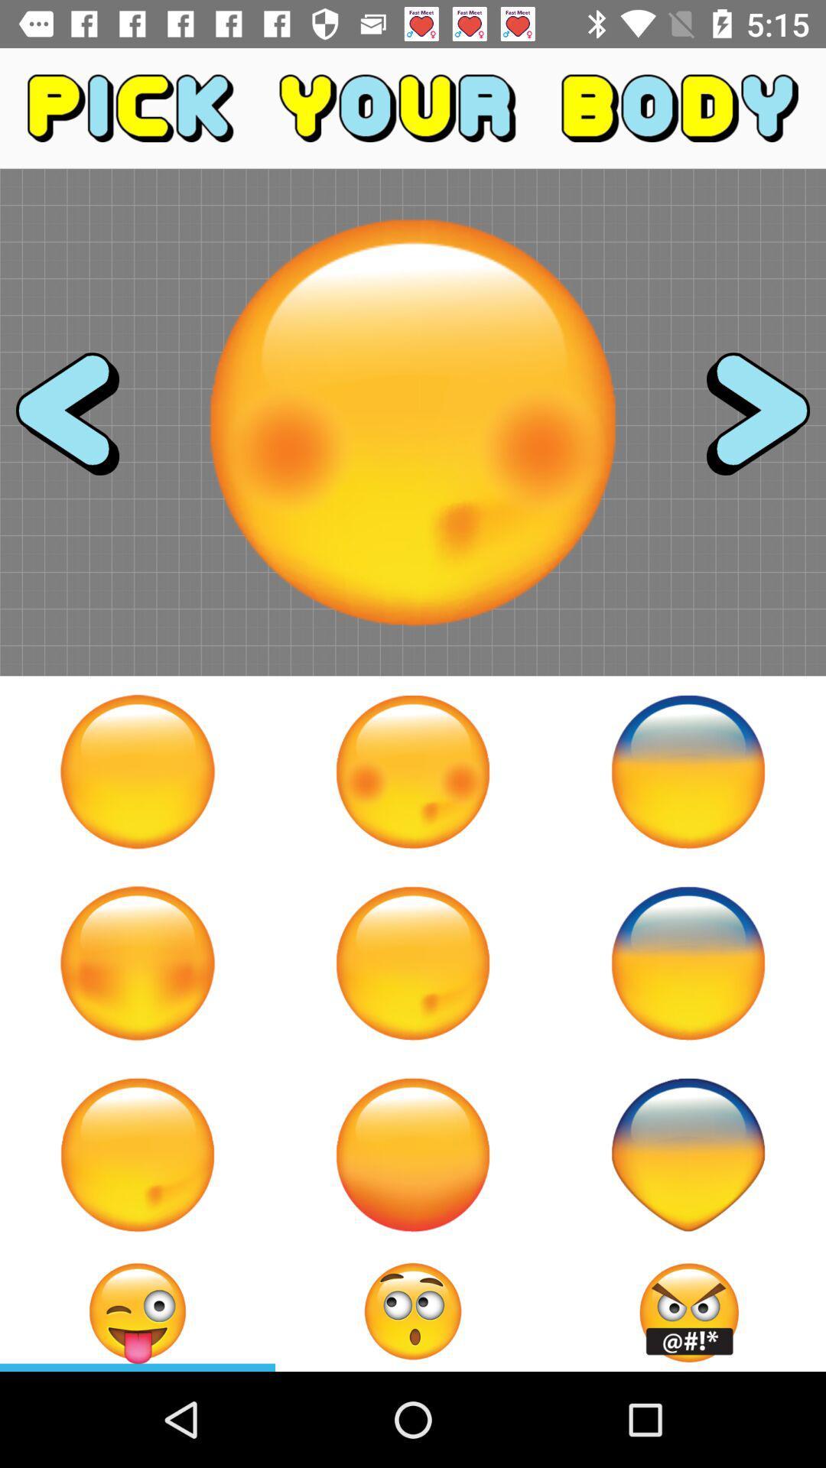 The height and width of the screenshot is (1468, 826). Describe the element at coordinates (687, 962) in the screenshot. I see `body` at that location.